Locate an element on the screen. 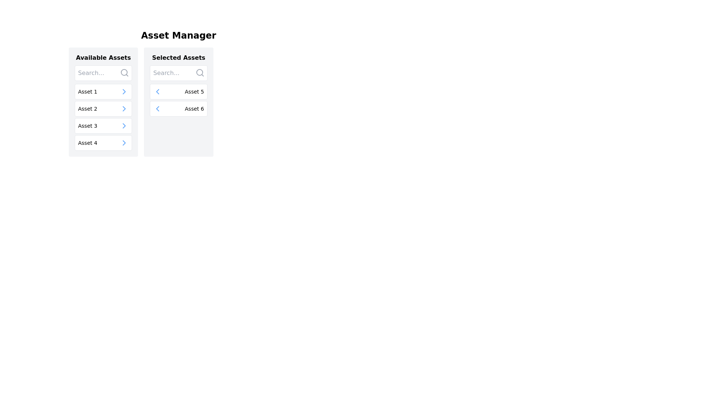  the button icon located at the left edge of the 'Asset 6' entry in the 'Selected Assets' column is located at coordinates (157, 109).